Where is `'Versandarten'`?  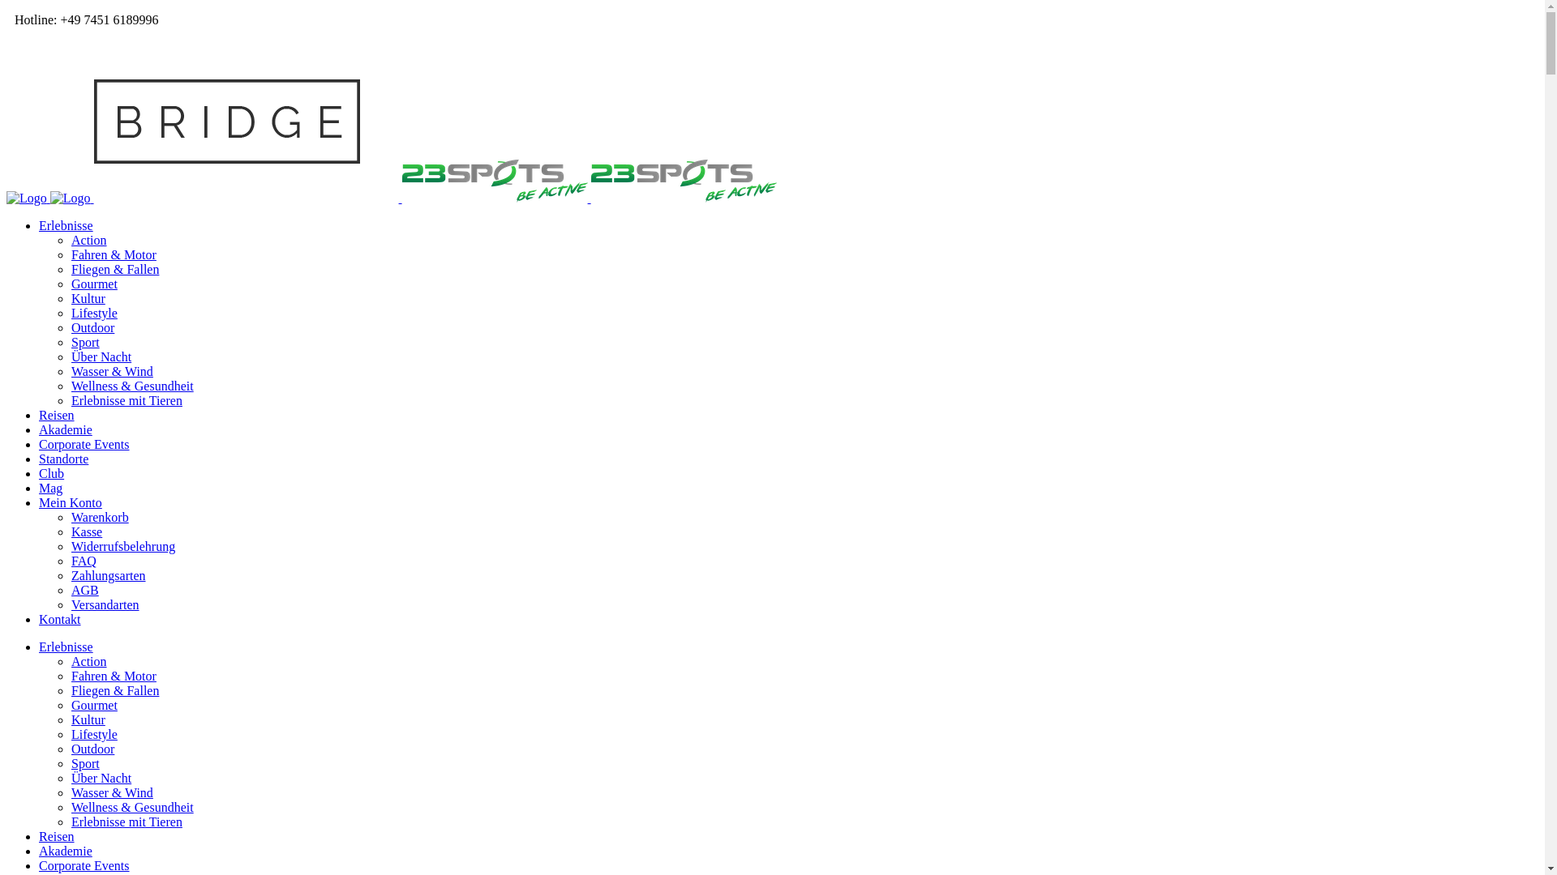 'Versandarten' is located at coordinates (104, 604).